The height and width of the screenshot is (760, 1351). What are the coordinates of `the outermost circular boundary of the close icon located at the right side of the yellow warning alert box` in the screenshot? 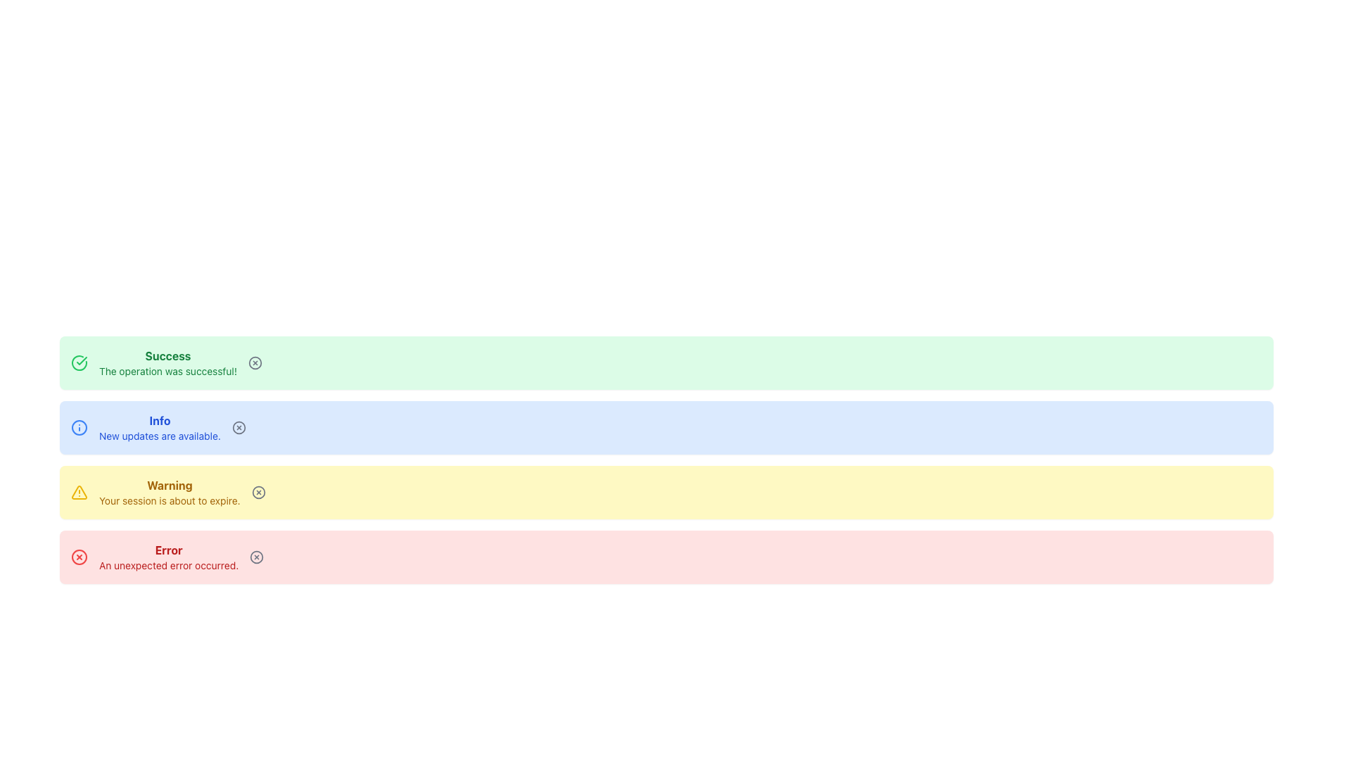 It's located at (258, 491).